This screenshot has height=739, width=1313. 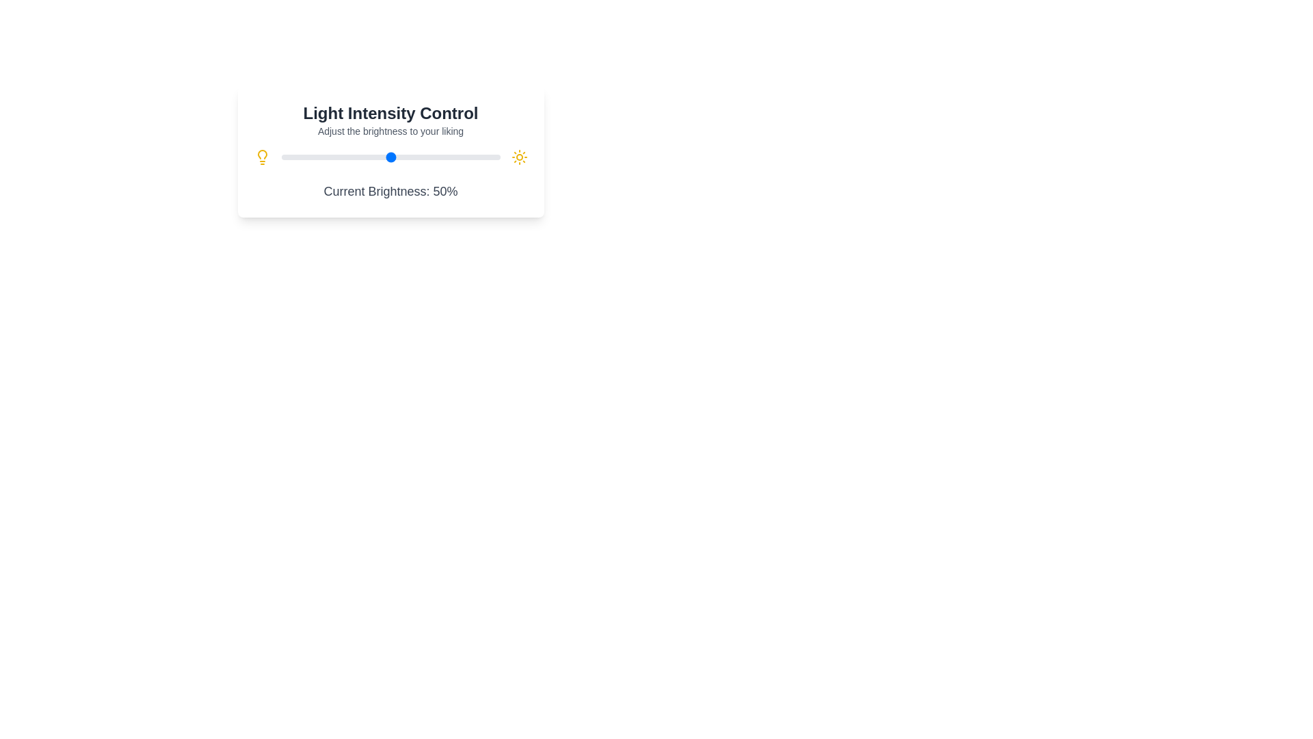 I want to click on the sun icon to interact with it, so click(x=518, y=157).